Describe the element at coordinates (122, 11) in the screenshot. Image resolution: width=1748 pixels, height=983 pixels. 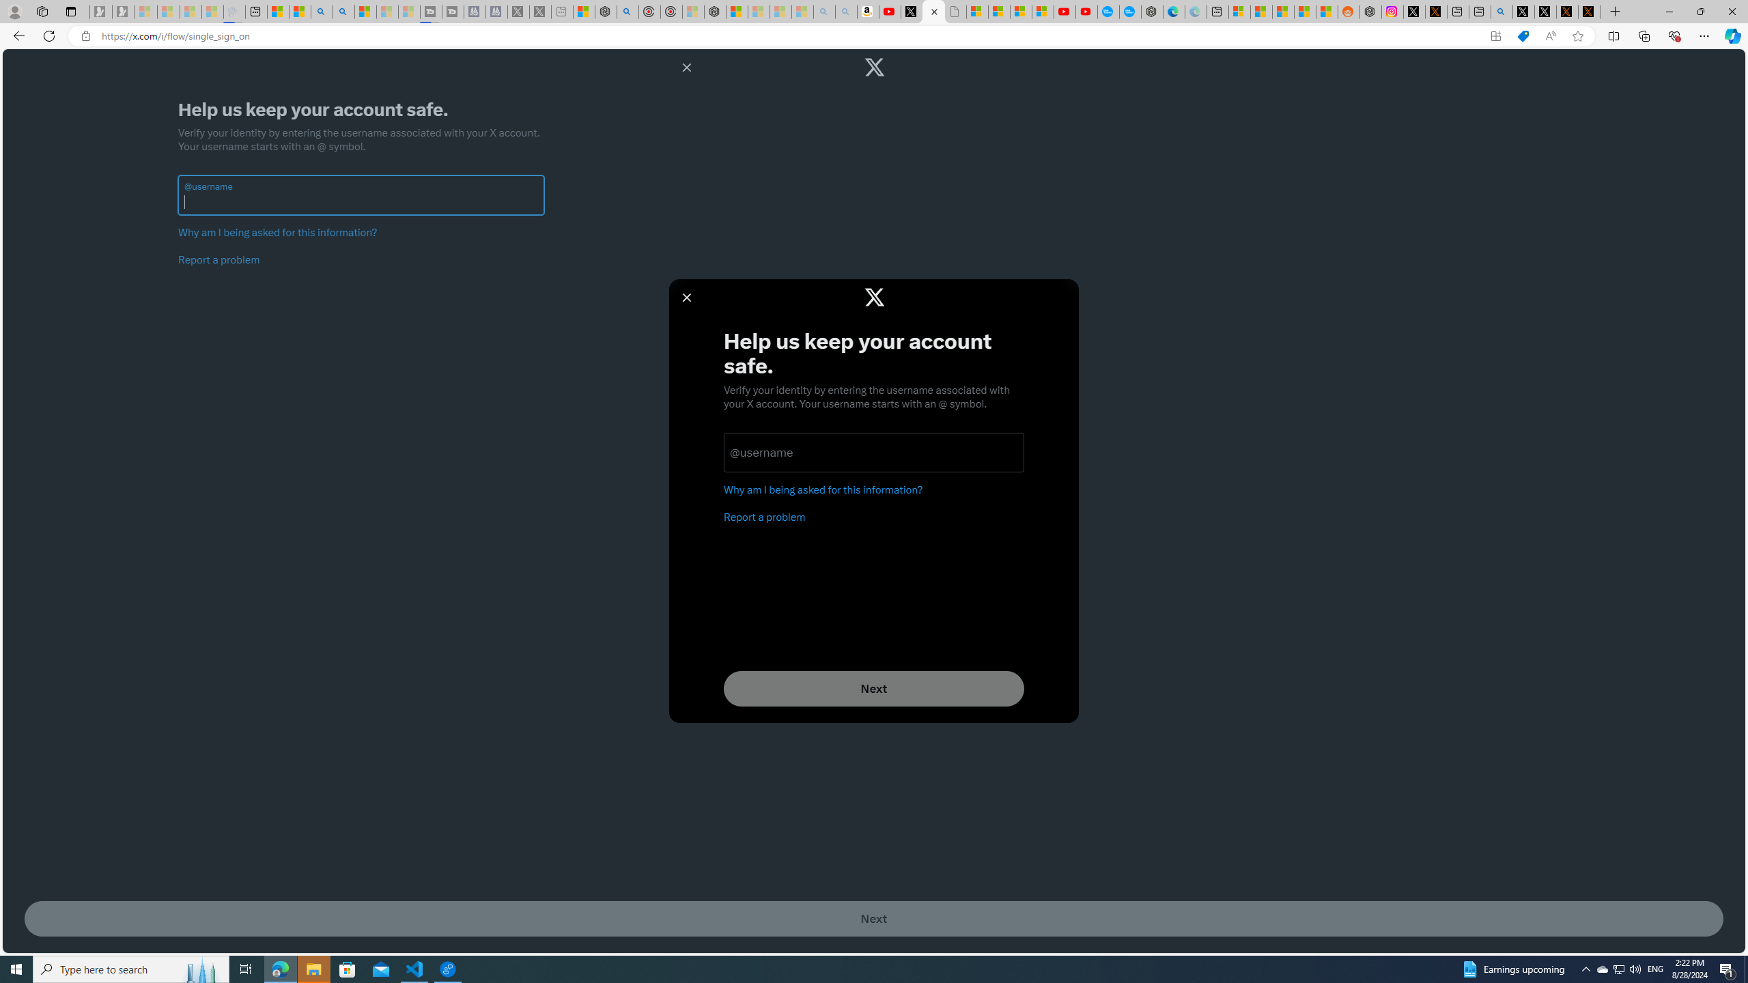
I see `'Newsletter Sign Up - Sleeping'` at that location.